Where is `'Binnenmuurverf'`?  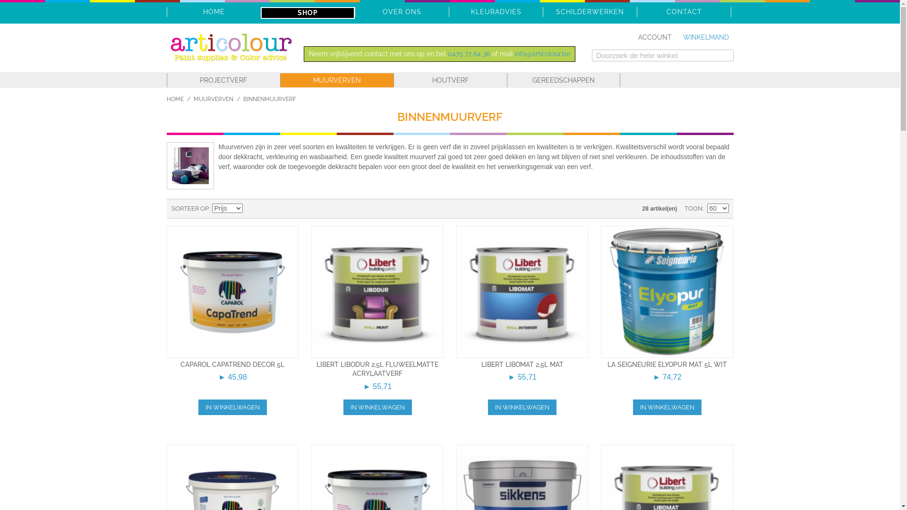 'Binnenmuurverf' is located at coordinates (190, 165).